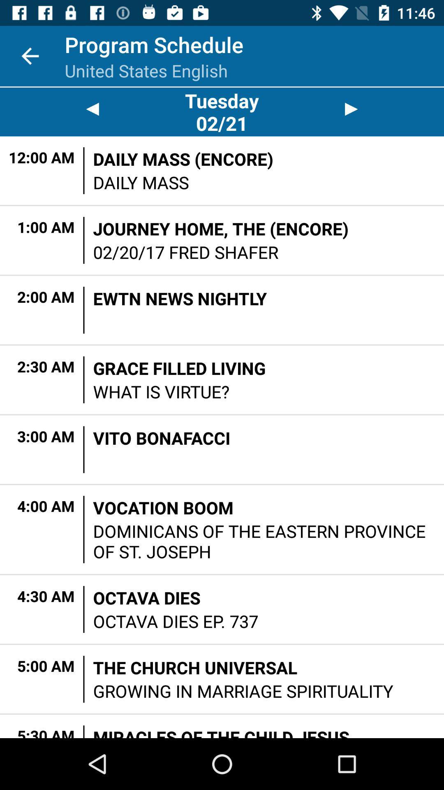 The image size is (444, 790). Describe the element at coordinates (84, 449) in the screenshot. I see `icon next to vito bonafacci icon` at that location.